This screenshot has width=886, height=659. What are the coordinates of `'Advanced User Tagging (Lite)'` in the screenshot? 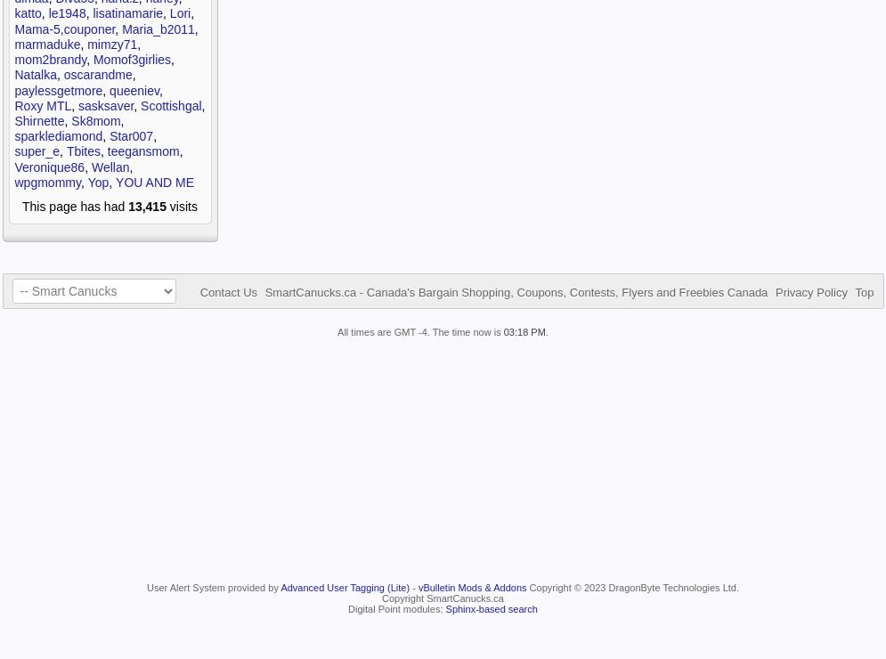 It's located at (345, 588).